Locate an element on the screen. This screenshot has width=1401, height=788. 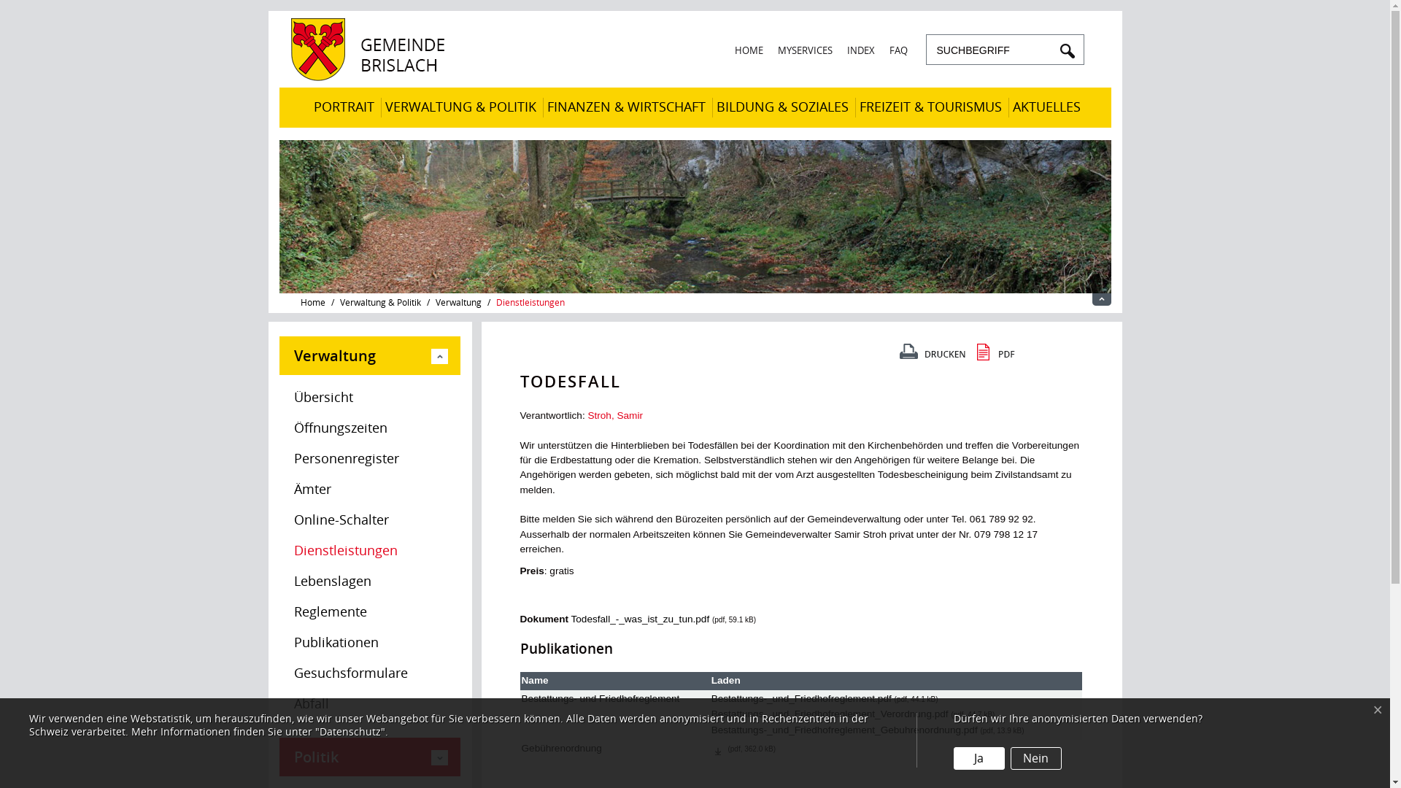
'INDEX' is located at coordinates (860, 50).